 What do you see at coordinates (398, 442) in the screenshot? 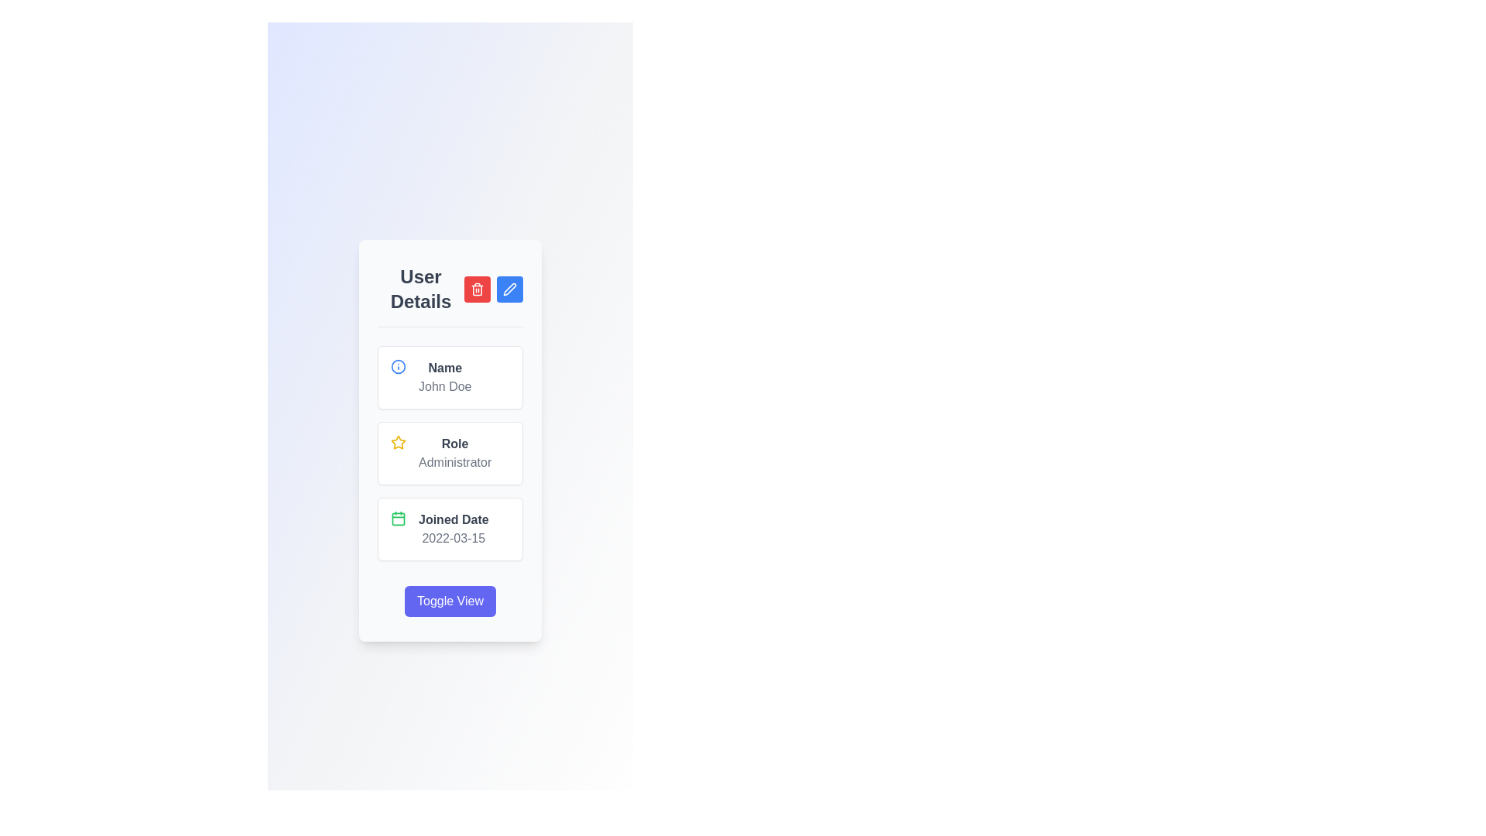
I see `the star icon that marks the importance of the 'Role' section, positioned to the left of the text 'Role' and above its description 'Administrator'` at bounding box center [398, 442].